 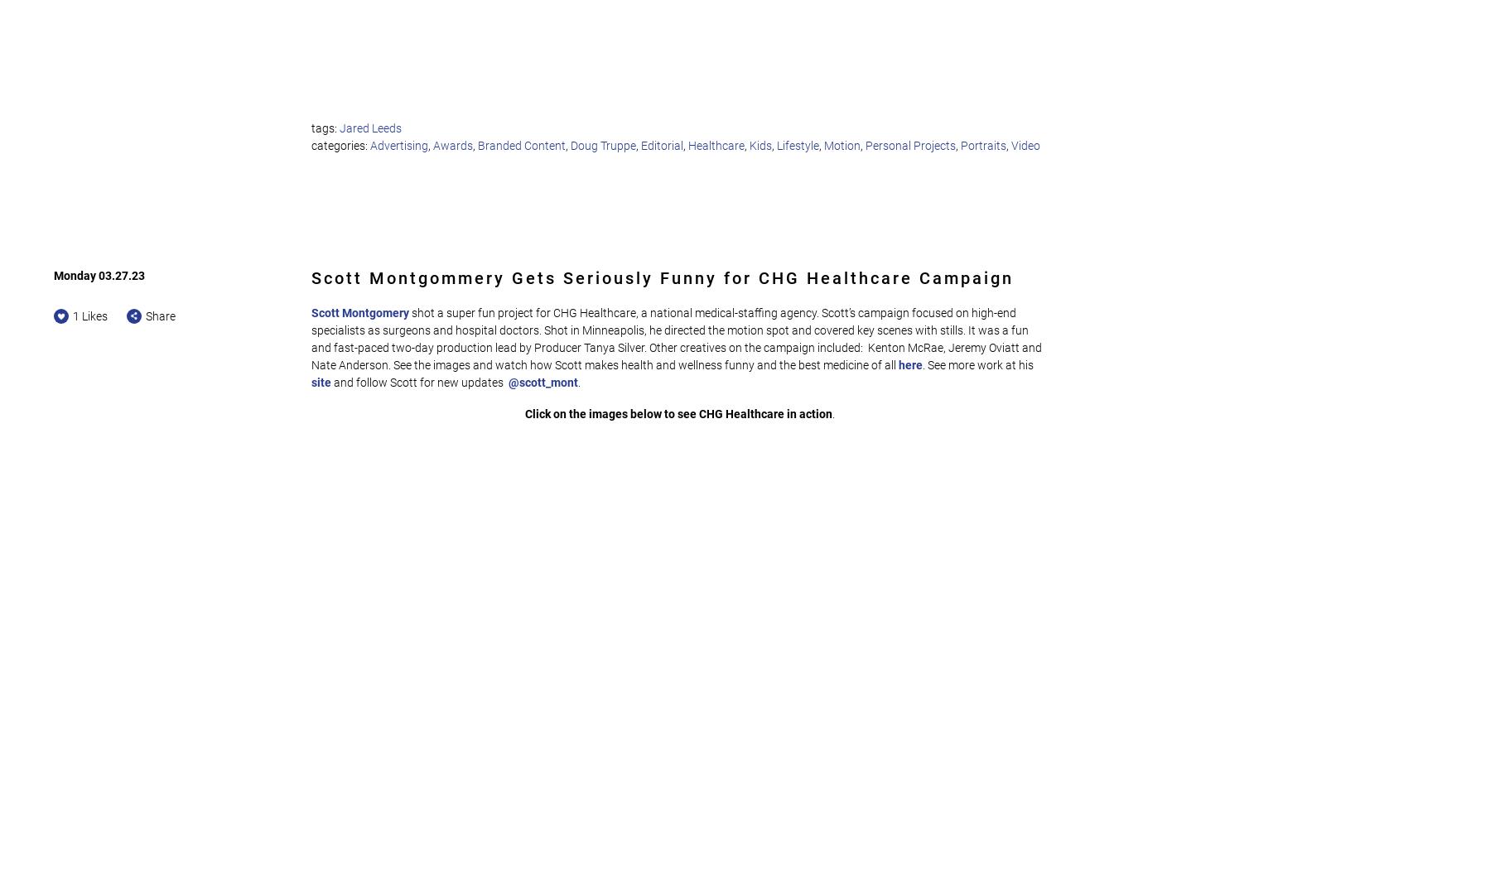 I want to click on 'Monday 03.27.23', so click(x=99, y=275).